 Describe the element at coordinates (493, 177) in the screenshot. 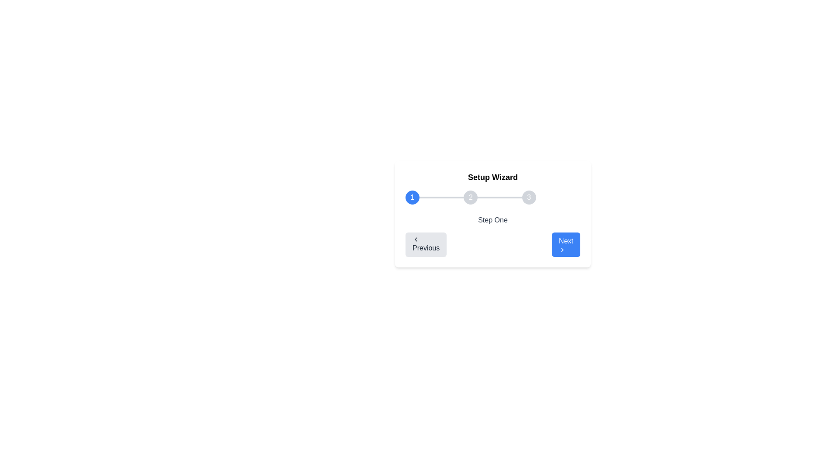

I see `the bold text label reading 'Setup Wizard' located at the top of the wizard interface` at that location.